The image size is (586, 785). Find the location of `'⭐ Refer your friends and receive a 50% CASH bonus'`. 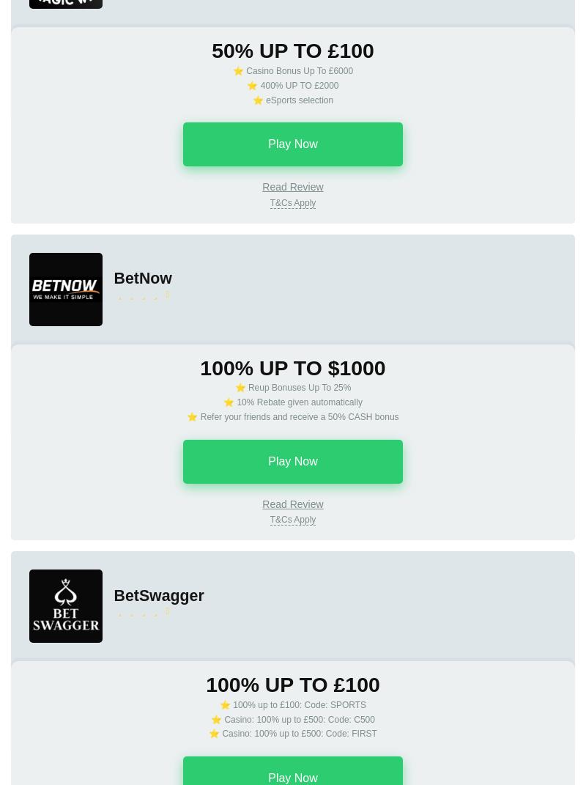

'⭐ Refer your friends and receive a 50% CASH bonus' is located at coordinates (185, 416).